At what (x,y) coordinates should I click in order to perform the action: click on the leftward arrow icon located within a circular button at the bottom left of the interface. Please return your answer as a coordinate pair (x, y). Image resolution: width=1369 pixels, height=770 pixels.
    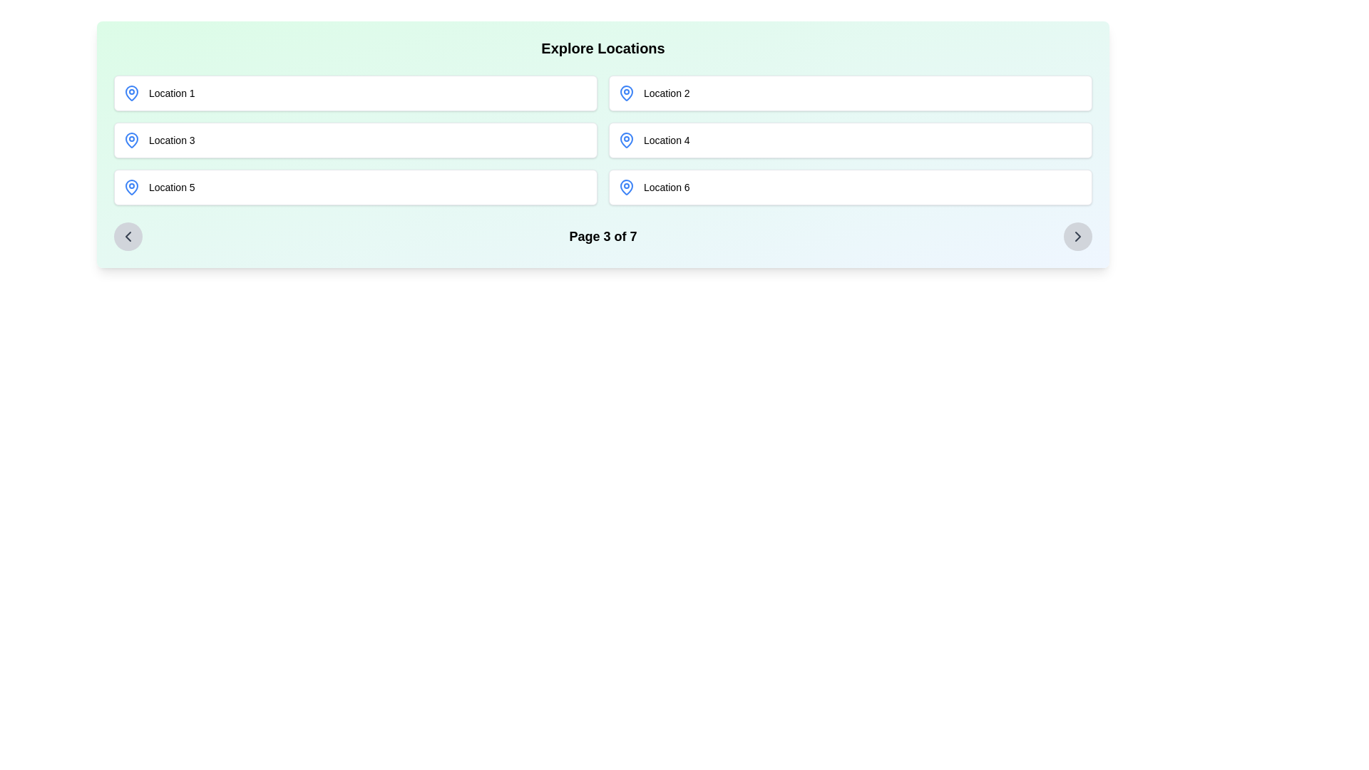
    Looking at the image, I should click on (128, 235).